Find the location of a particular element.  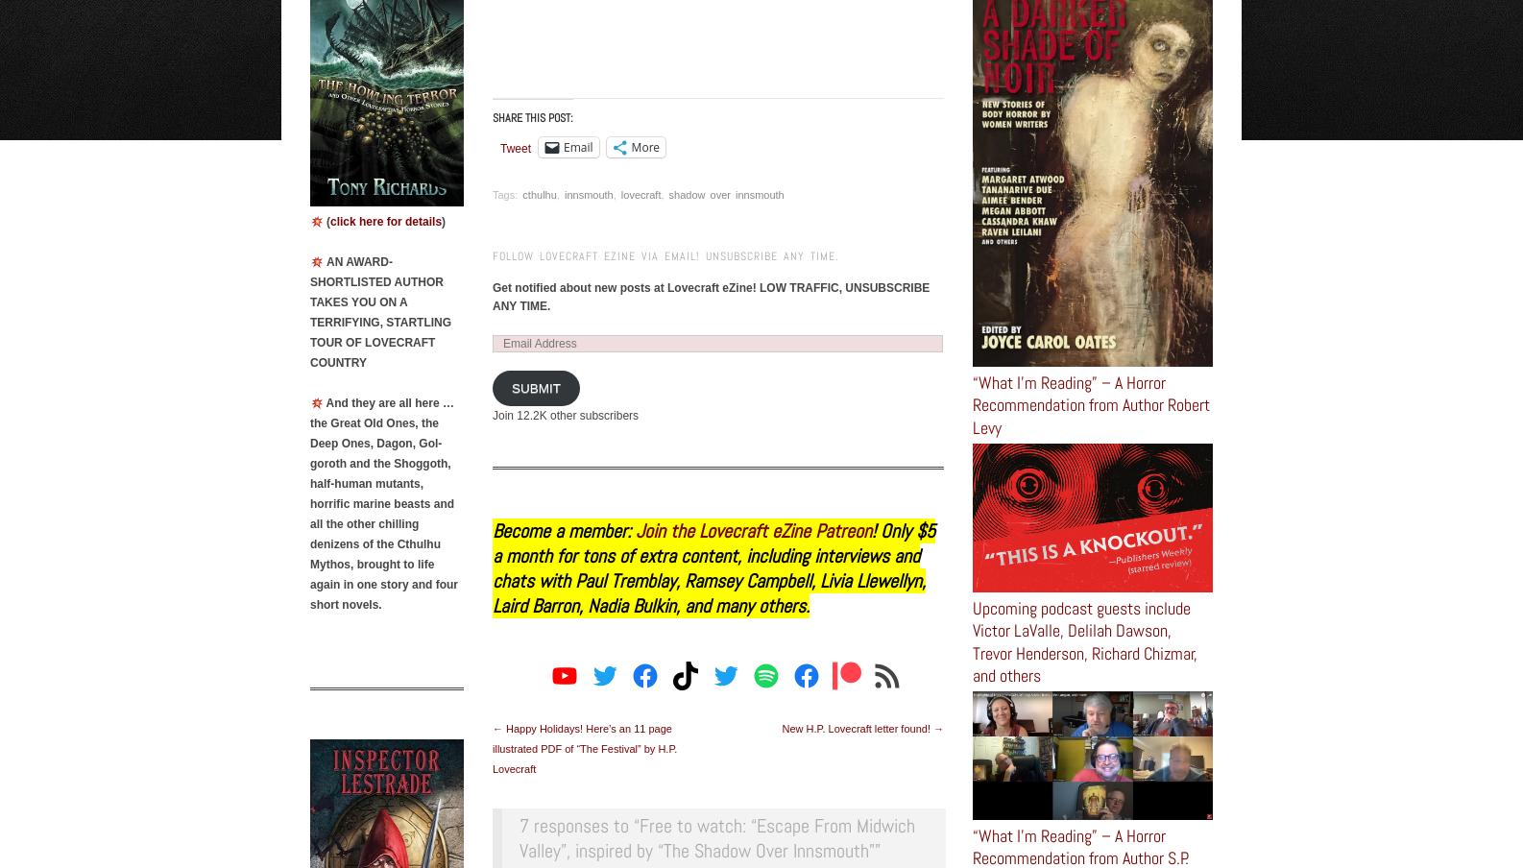

'Happy Holidays! Here’s an 11 page illustrated PDF of “The Festival” by H.P. Lovecraft' is located at coordinates (584, 747).